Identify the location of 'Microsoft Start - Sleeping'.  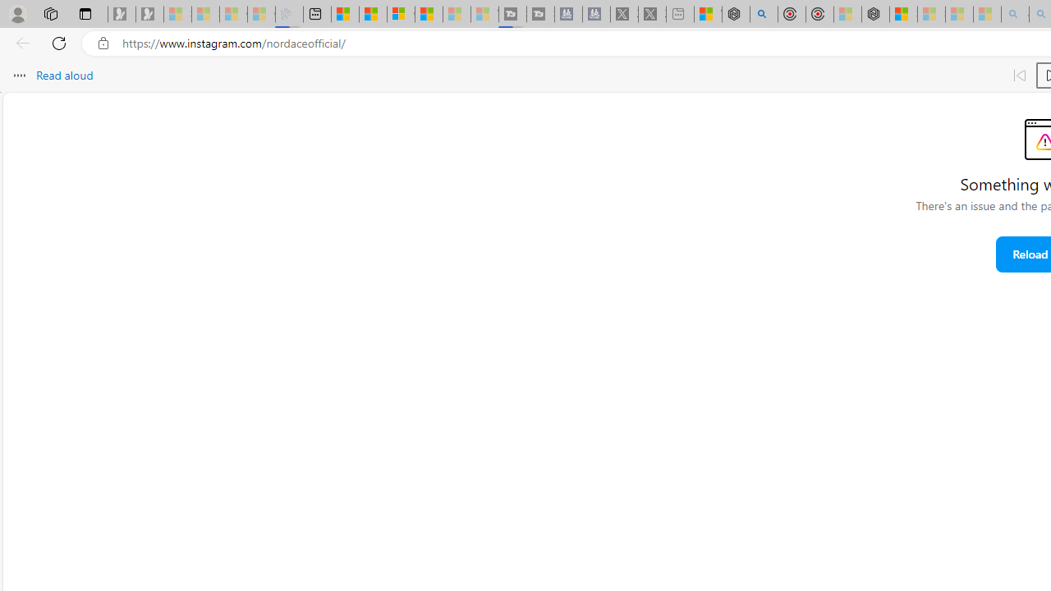
(457, 14).